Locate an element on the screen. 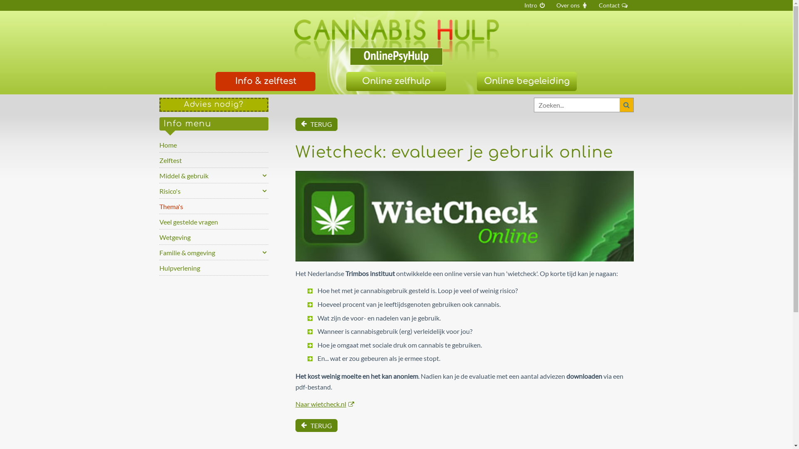  'Advies nodig?' is located at coordinates (213, 104).